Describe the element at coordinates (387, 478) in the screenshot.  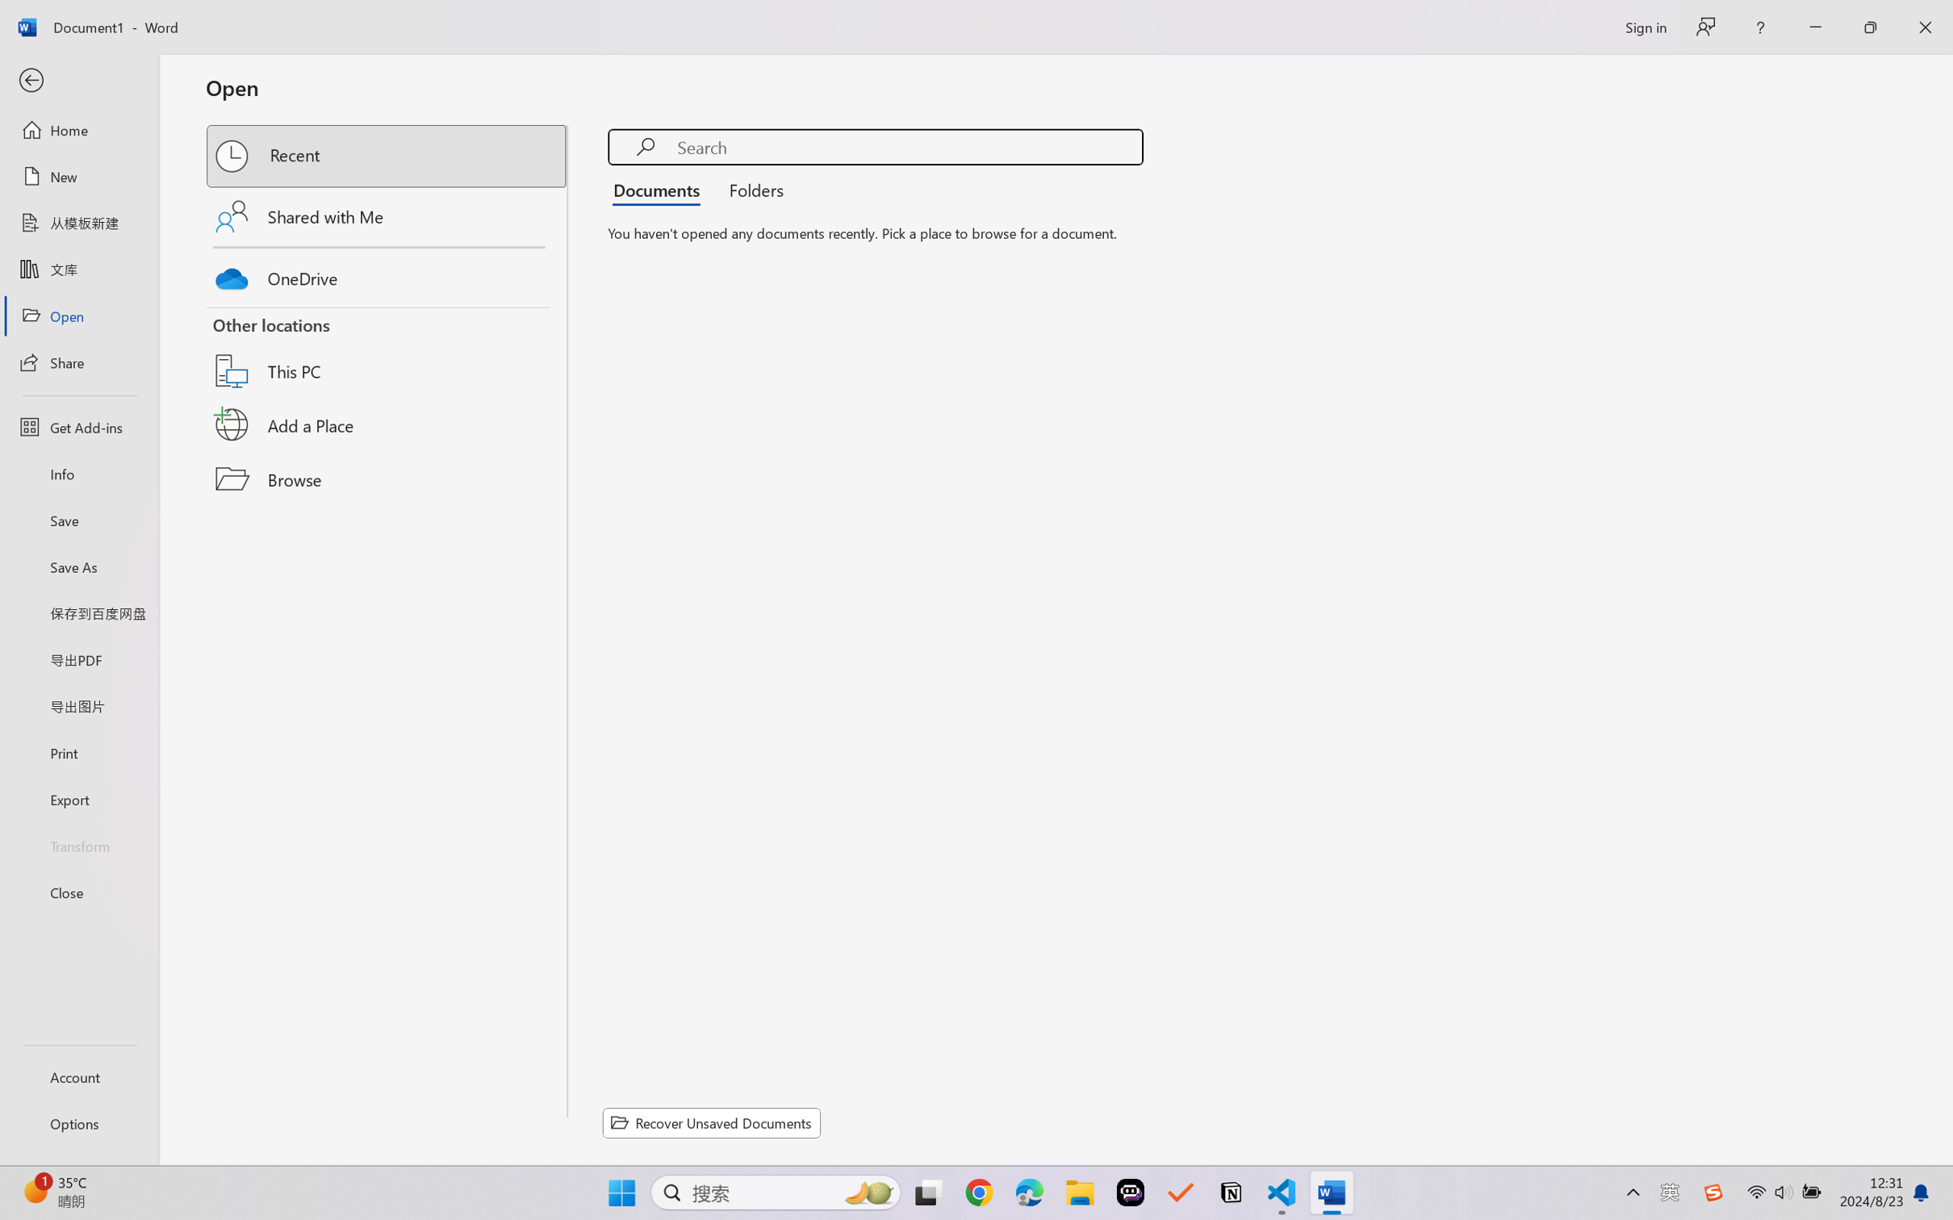
I see `'Browse'` at that location.